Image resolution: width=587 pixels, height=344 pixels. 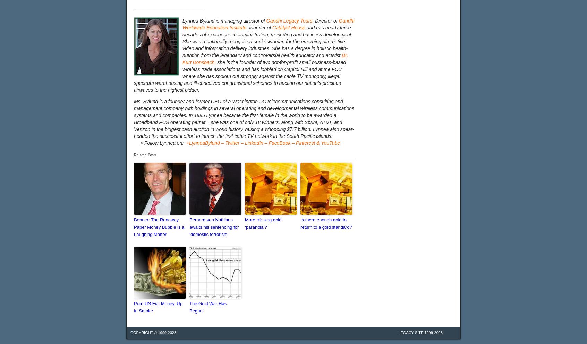 What do you see at coordinates (305, 142) in the screenshot?
I see `'Pinterest'` at bounding box center [305, 142].